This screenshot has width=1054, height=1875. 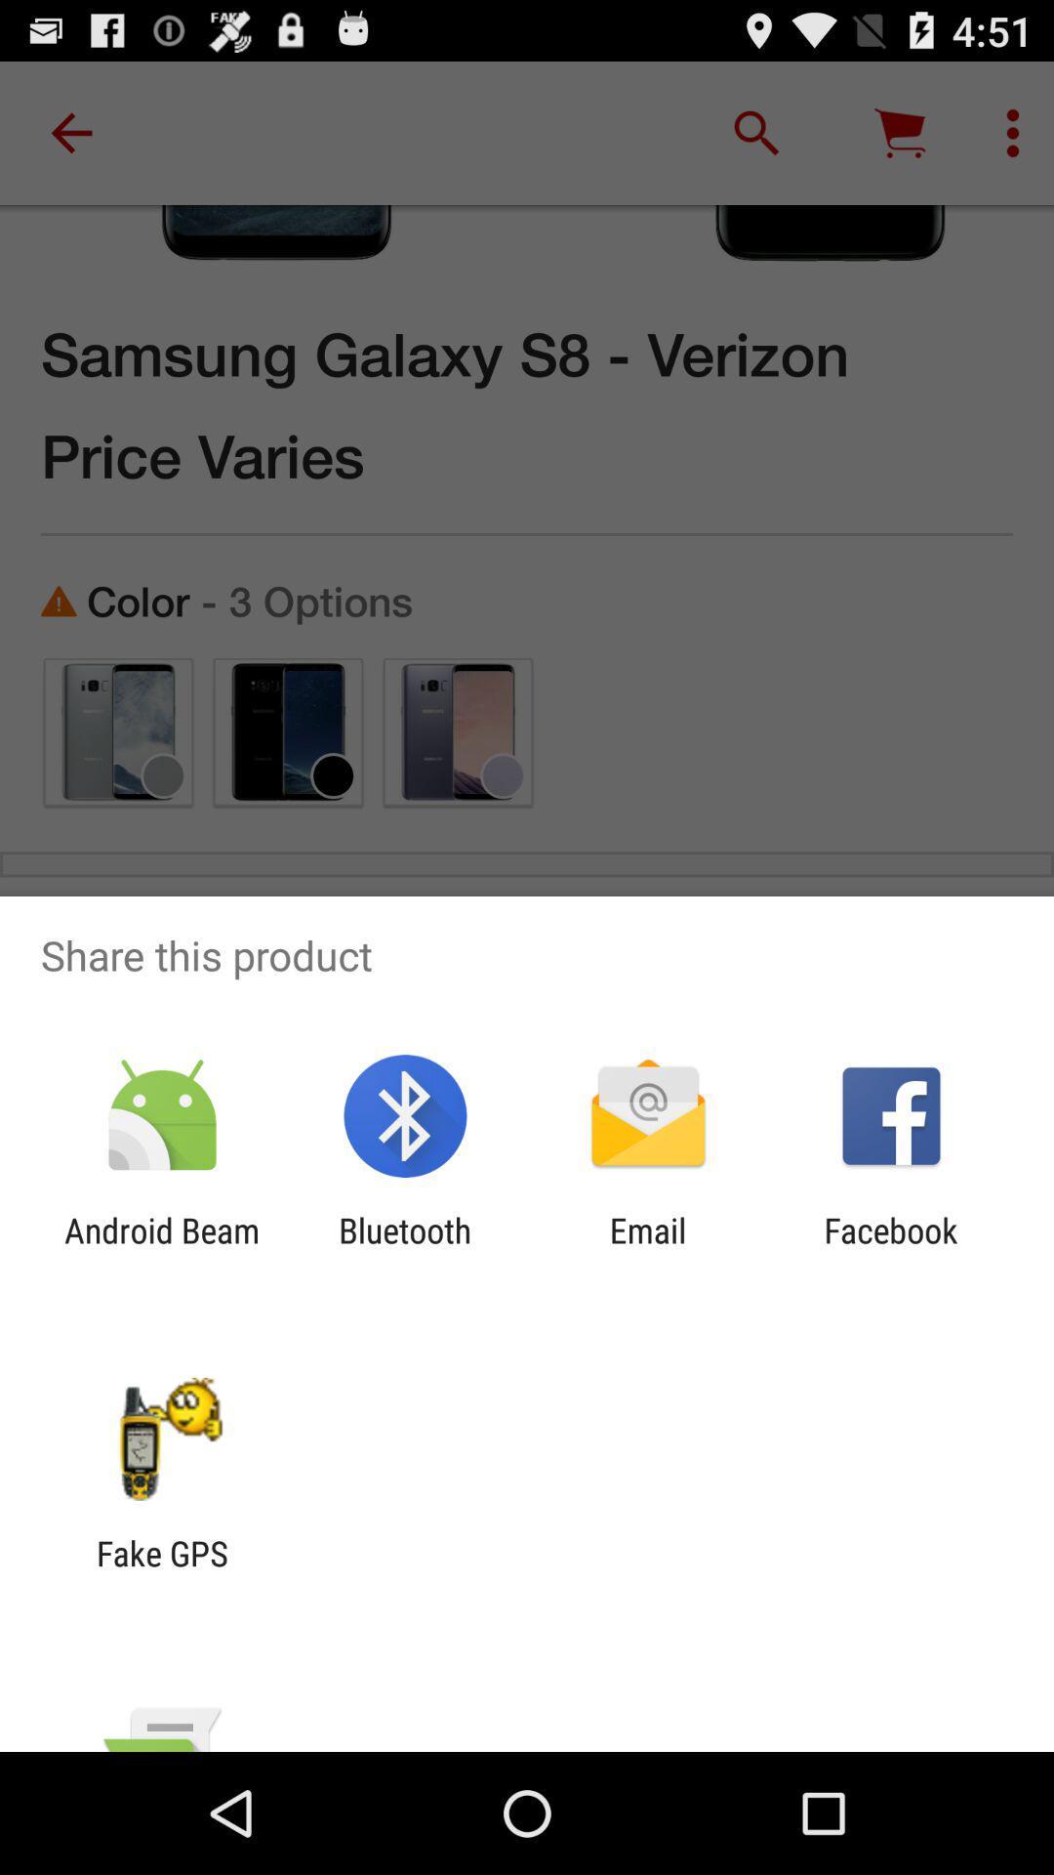 I want to click on the facebook icon, so click(x=891, y=1251).